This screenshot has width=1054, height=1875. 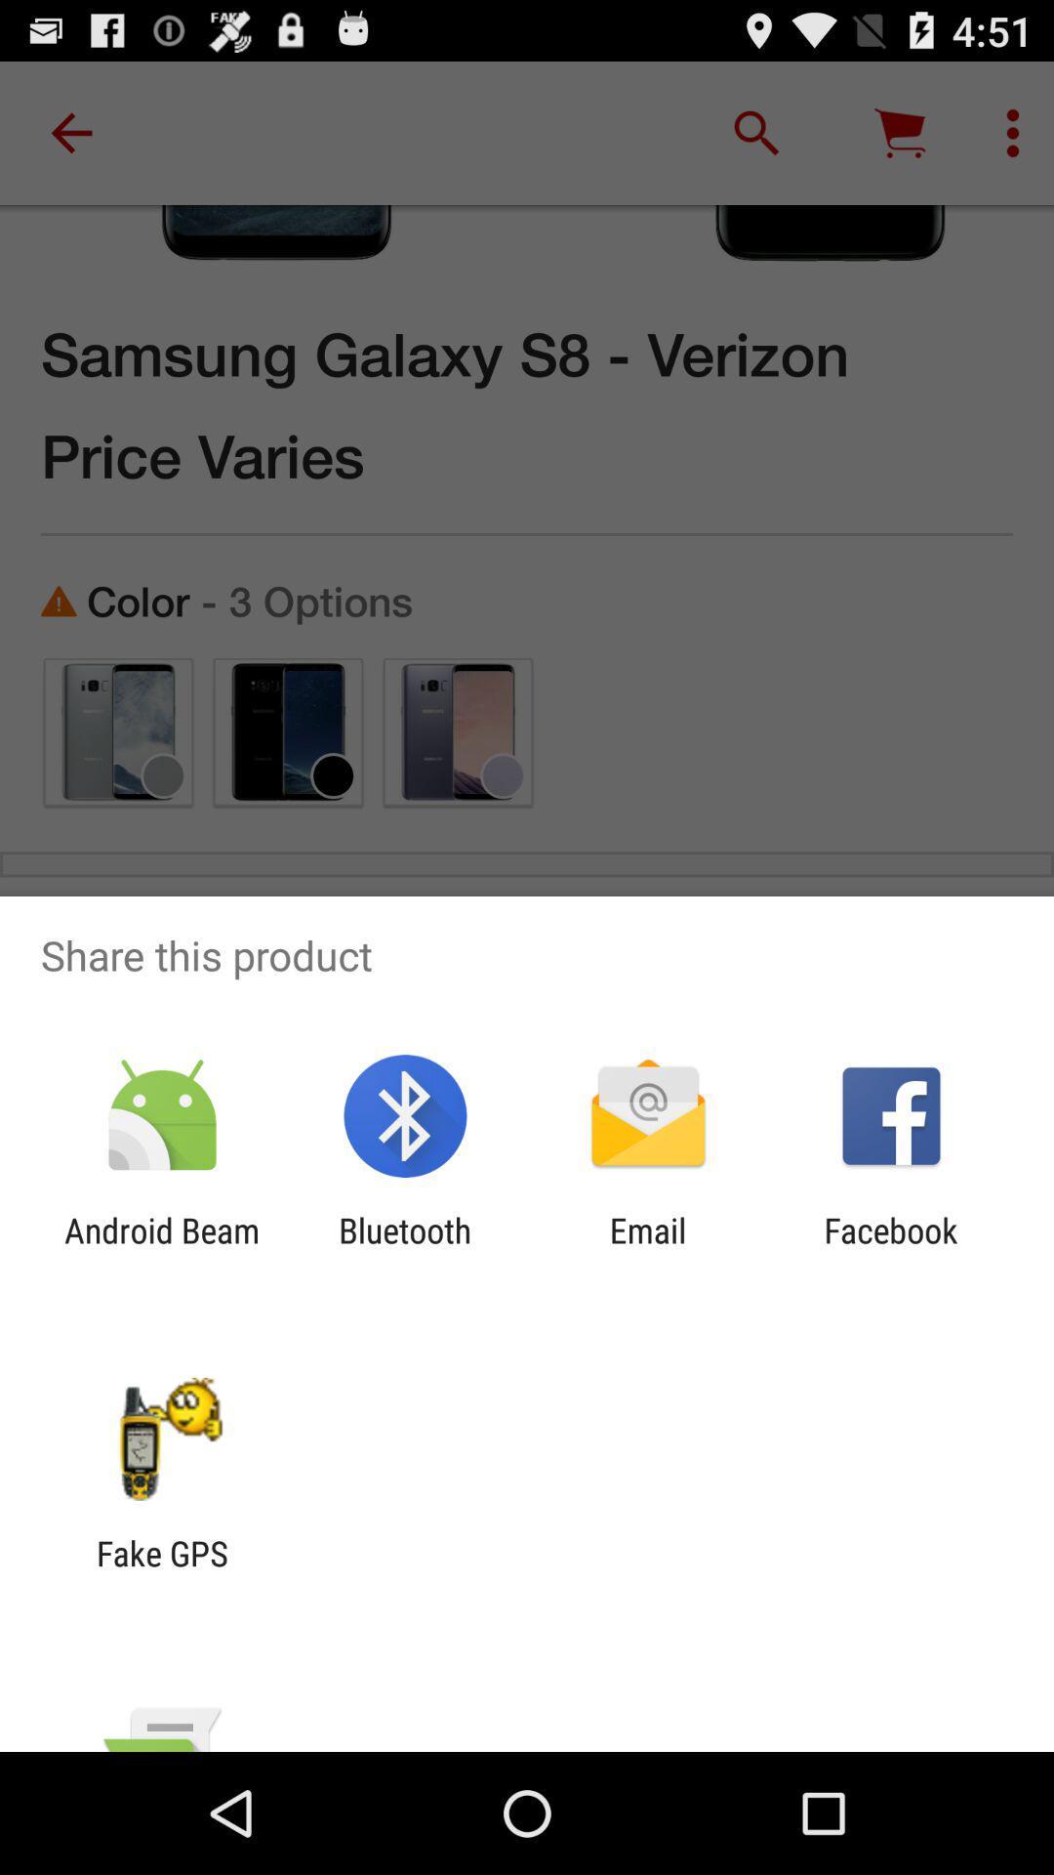 I want to click on the facebook icon, so click(x=891, y=1251).